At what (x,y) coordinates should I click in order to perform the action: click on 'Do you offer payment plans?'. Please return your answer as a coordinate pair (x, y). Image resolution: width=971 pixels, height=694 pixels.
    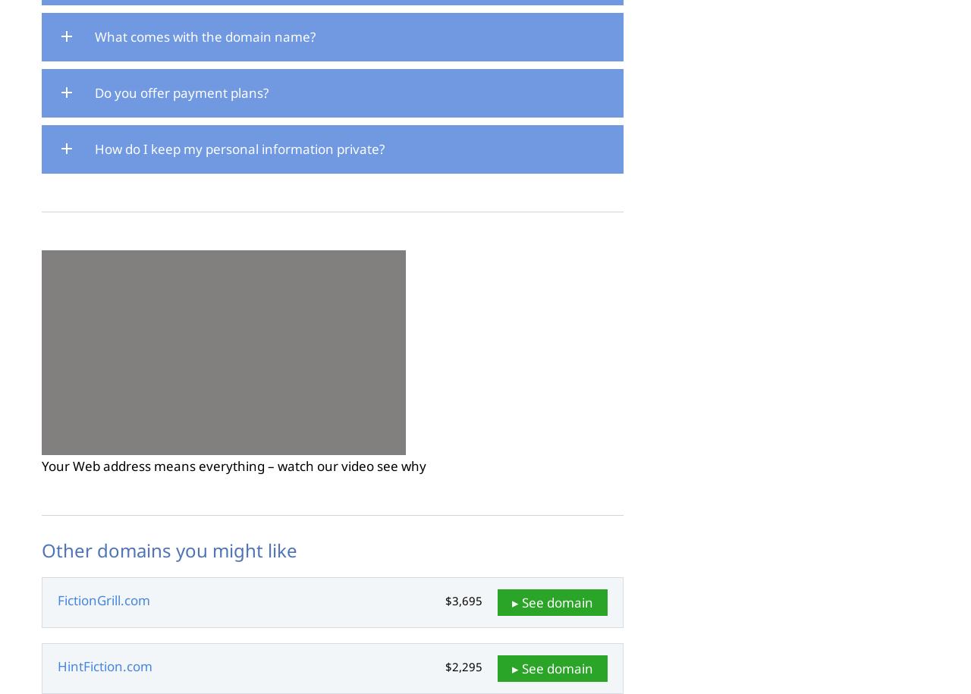
    Looking at the image, I should click on (181, 93).